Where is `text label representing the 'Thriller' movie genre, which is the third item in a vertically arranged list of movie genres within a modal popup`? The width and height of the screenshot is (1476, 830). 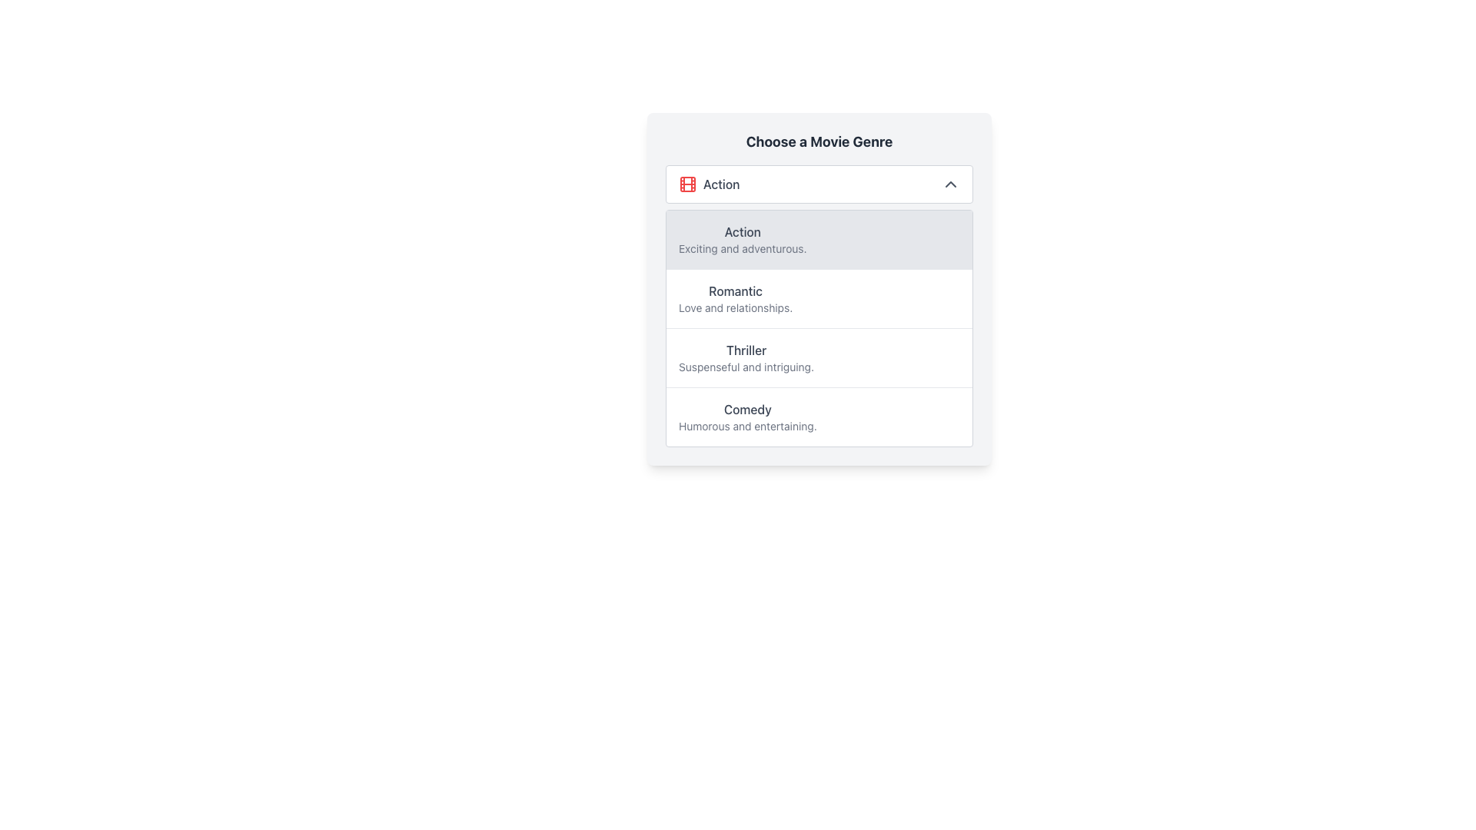
text label representing the 'Thriller' movie genre, which is the third item in a vertically arranged list of movie genres within a modal popup is located at coordinates (746, 350).